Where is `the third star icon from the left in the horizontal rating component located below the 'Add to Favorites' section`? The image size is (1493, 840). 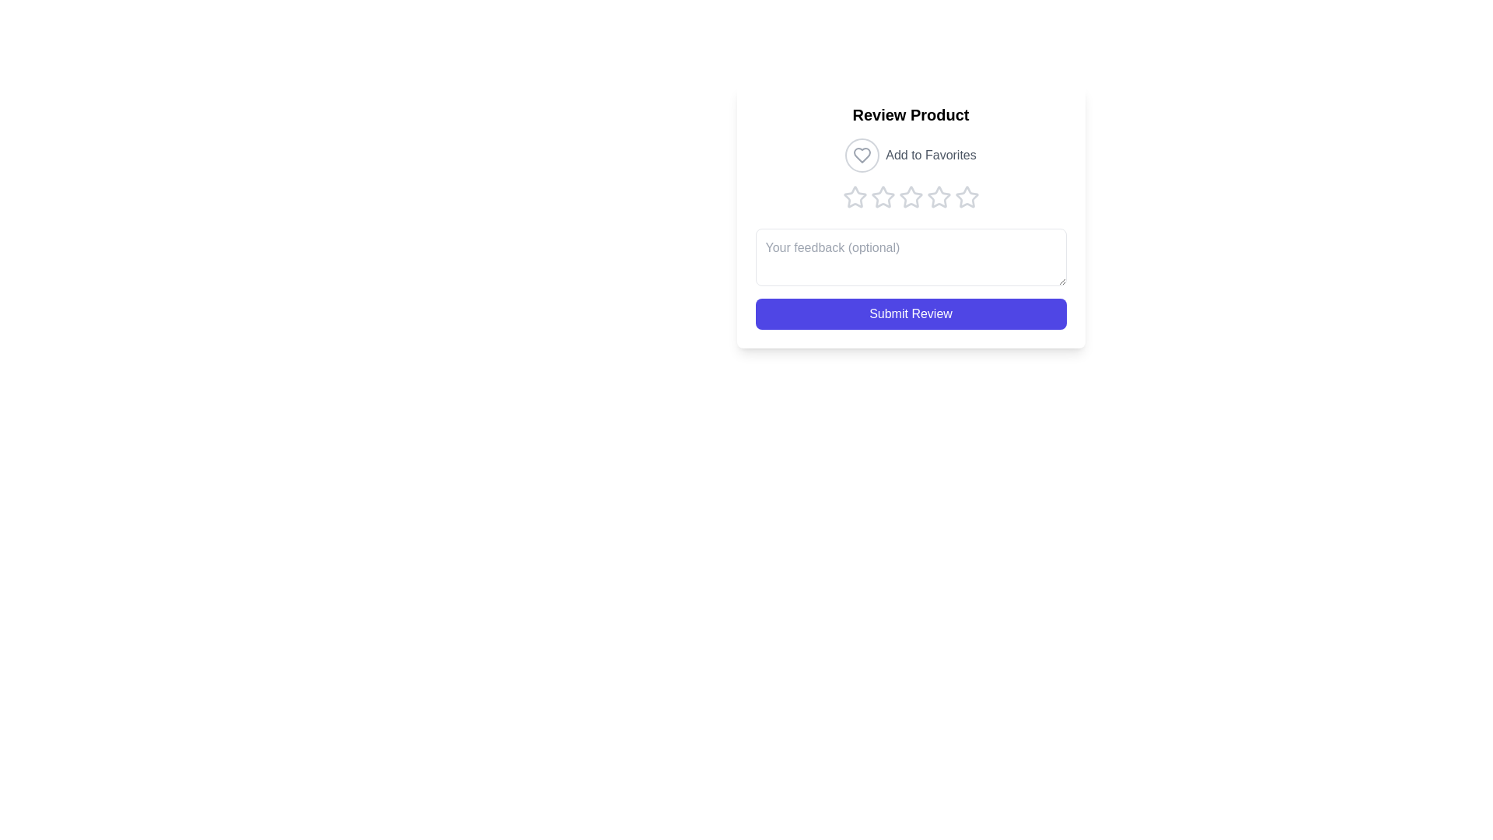
the third star icon from the left in the horizontal rating component located below the 'Add to Favorites' section is located at coordinates (938, 196).